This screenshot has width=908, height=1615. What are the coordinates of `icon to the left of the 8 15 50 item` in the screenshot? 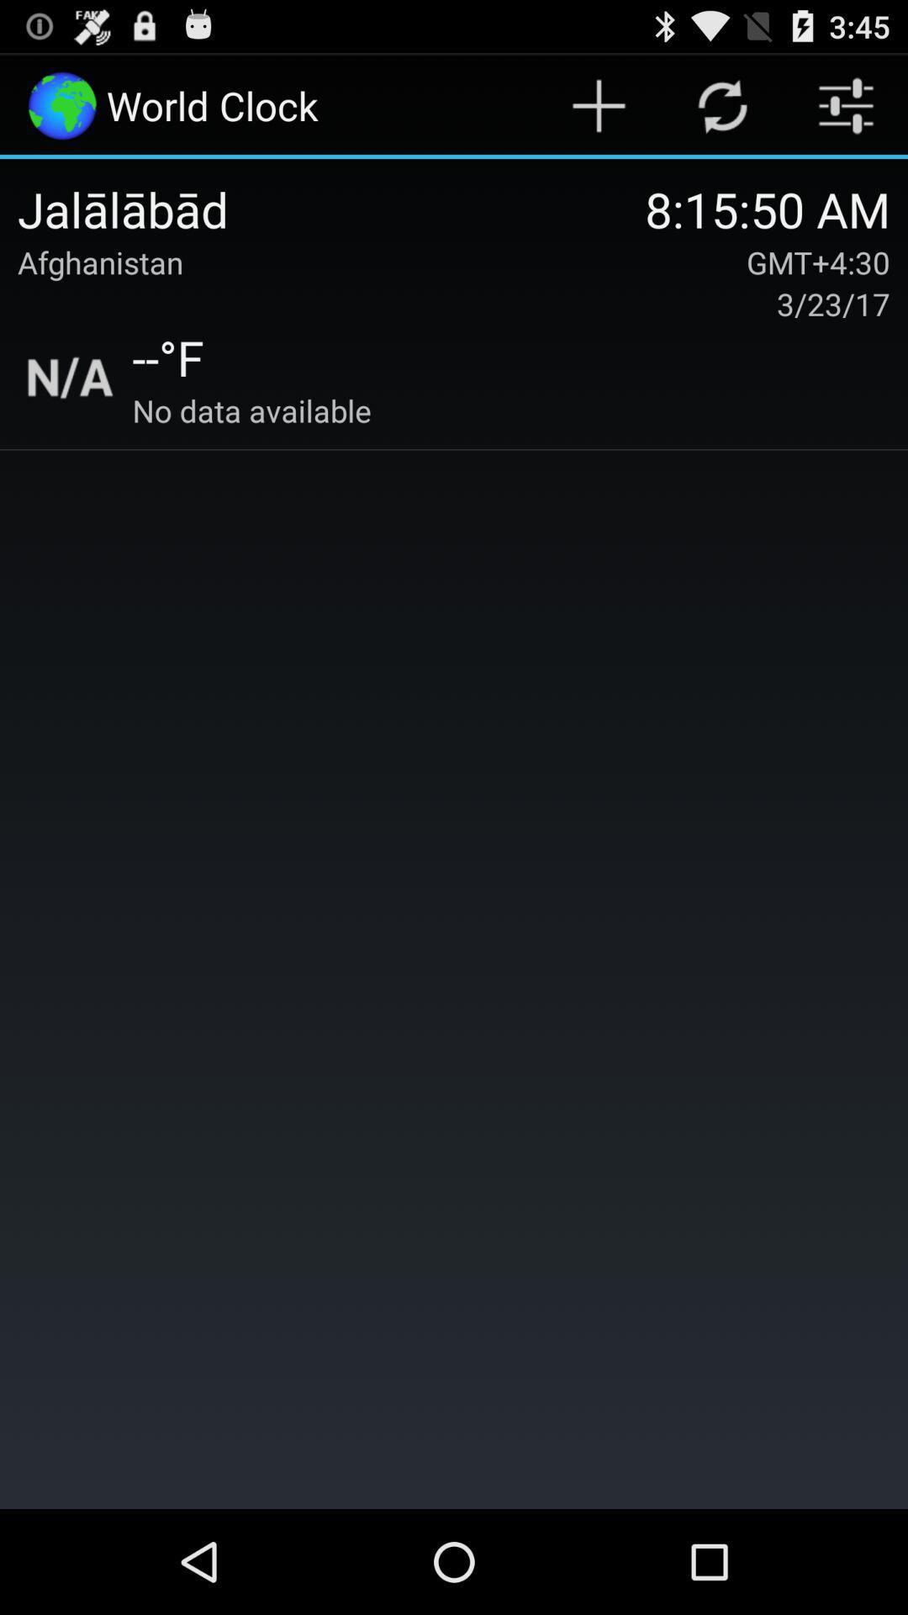 It's located at (331, 208).